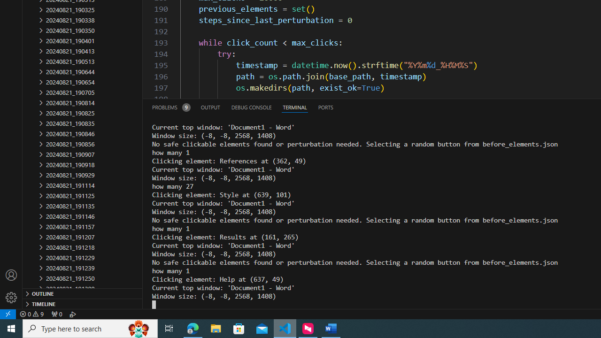 The image size is (601, 338). Describe the element at coordinates (210, 107) in the screenshot. I see `'Output (Ctrl+Shift+U)'` at that location.